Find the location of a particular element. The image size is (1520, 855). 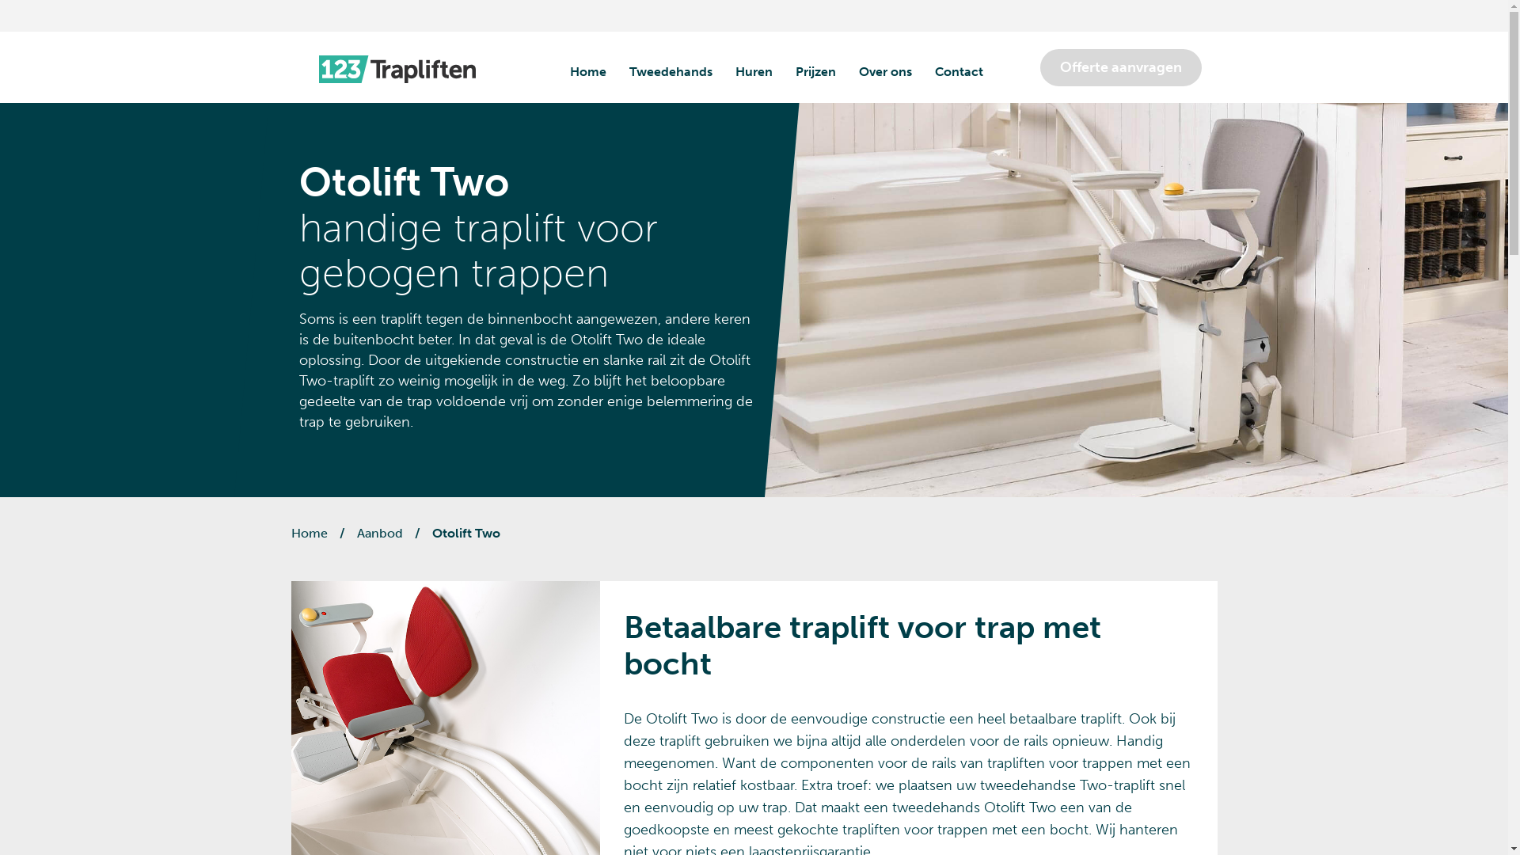

'Over ons' is located at coordinates (857, 72).